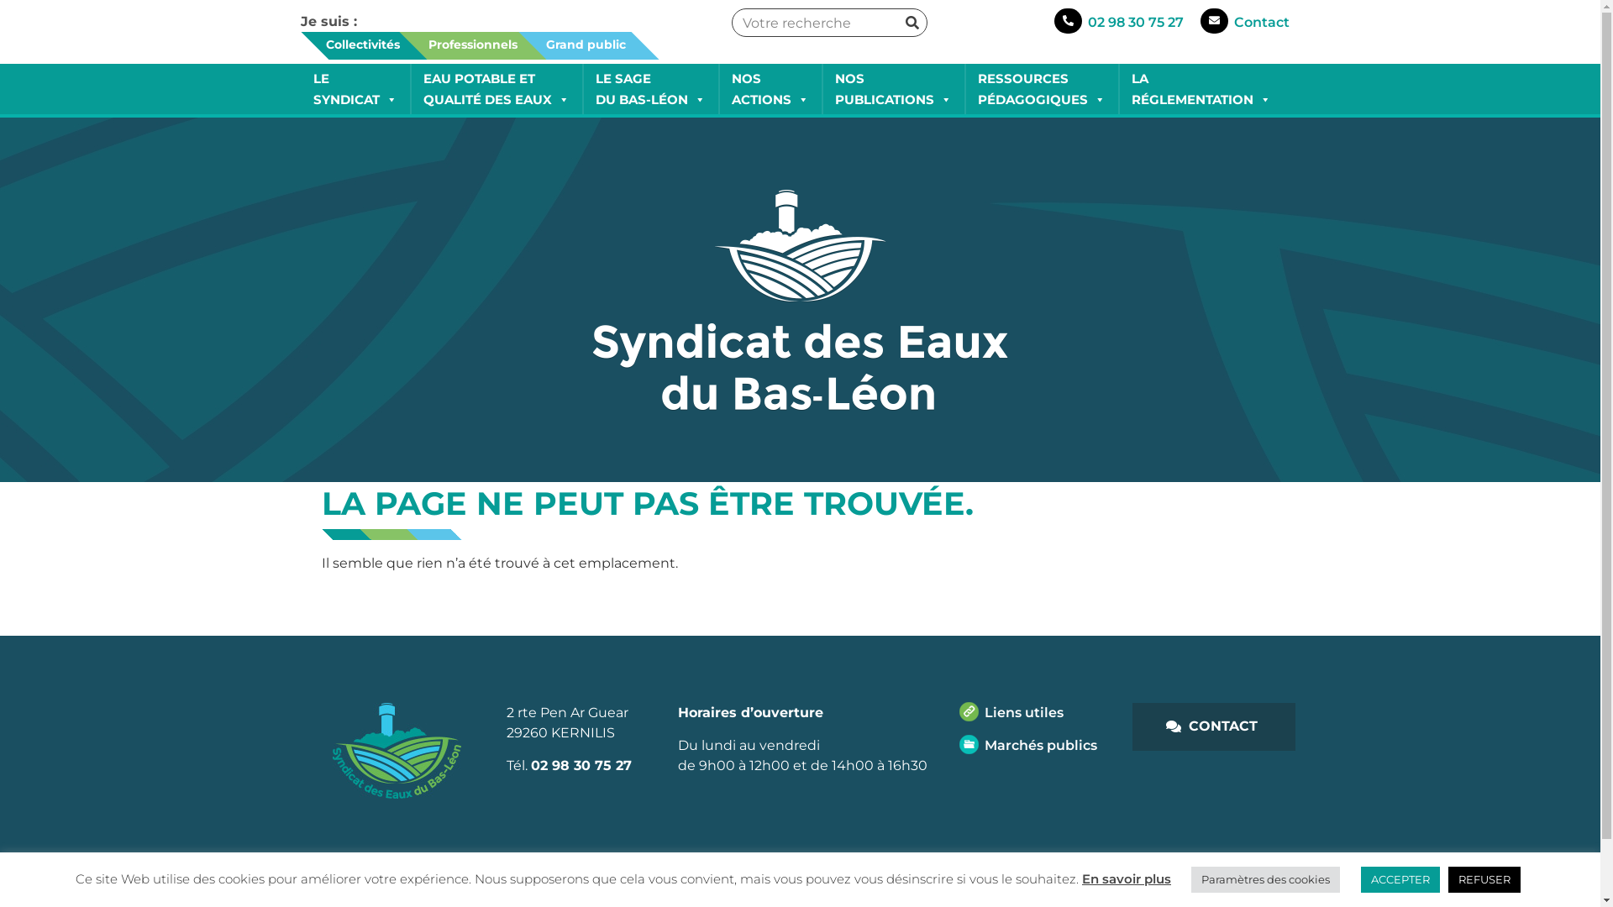 This screenshot has height=907, width=1613. I want to click on 'LE, so click(354, 88).